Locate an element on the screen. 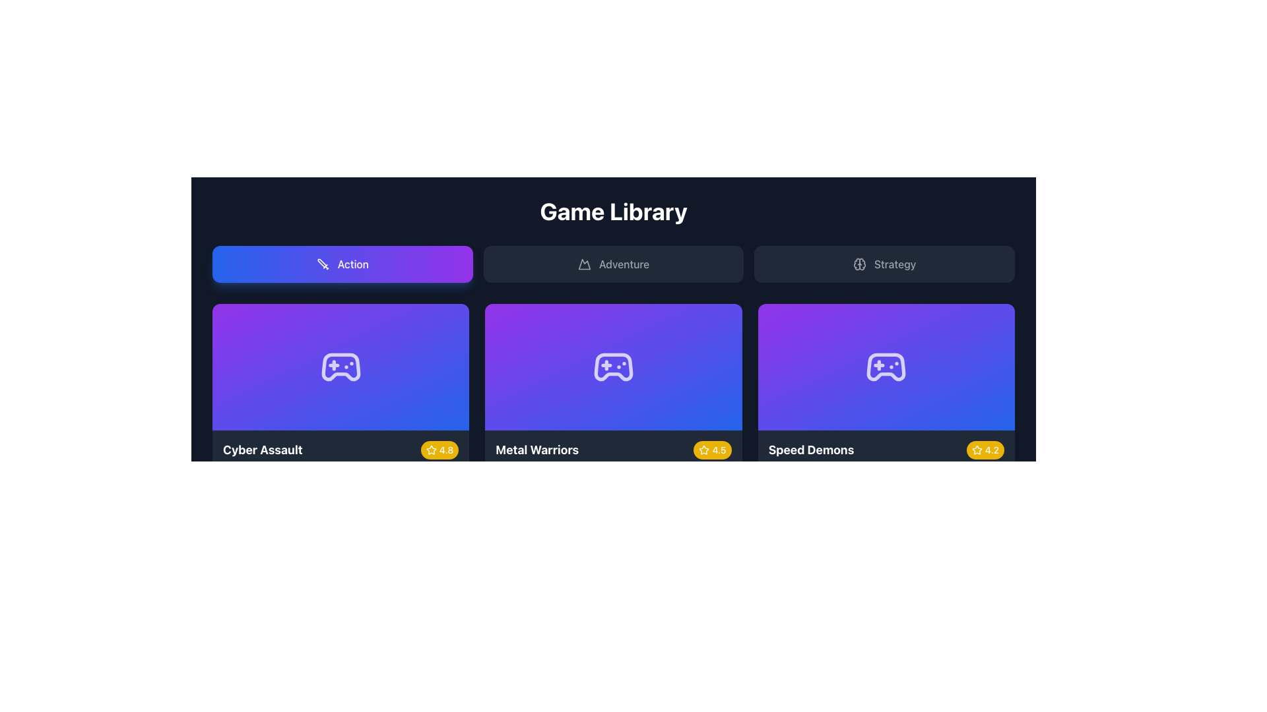 The height and width of the screenshot is (712, 1267). the 'Adventure' category icon located in the middle of the top row, which is the first icon within the 'Adventure' button, positioned left of the button label text is located at coordinates (583, 264).